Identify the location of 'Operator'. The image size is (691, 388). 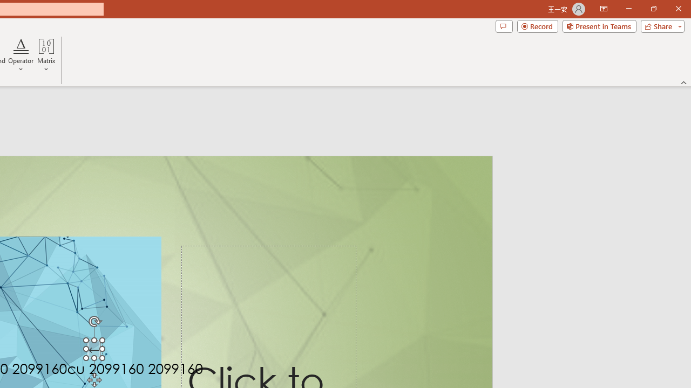
(21, 56).